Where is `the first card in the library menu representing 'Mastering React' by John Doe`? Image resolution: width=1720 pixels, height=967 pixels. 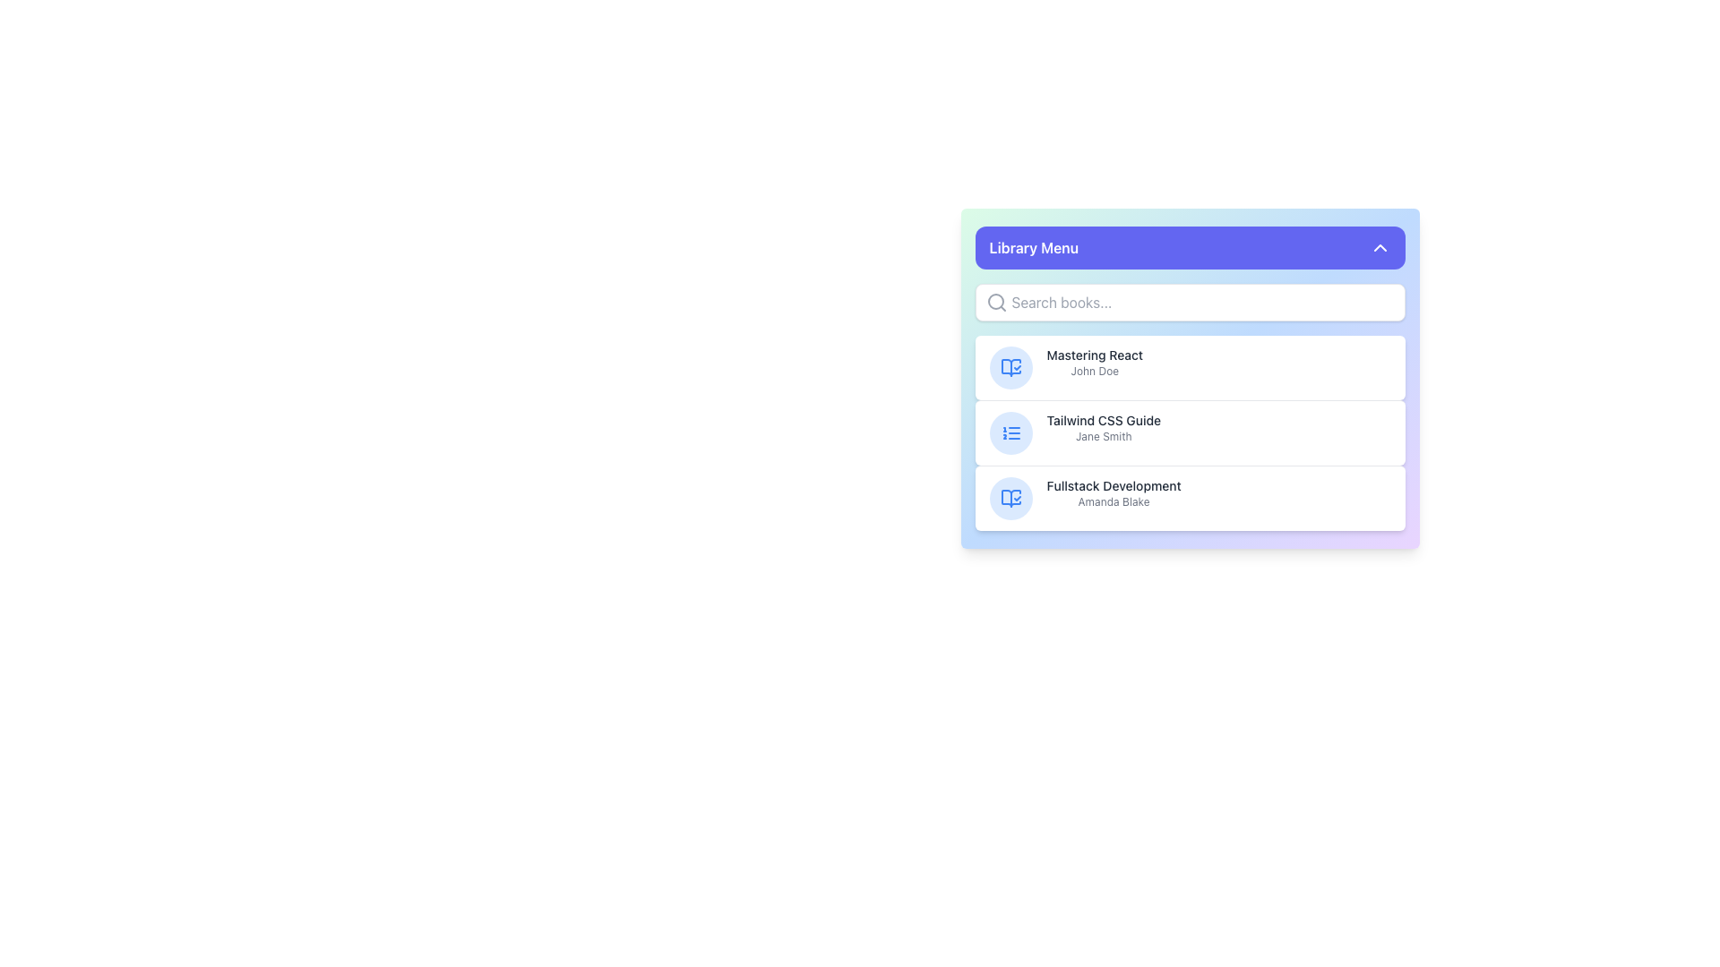 the first card in the library menu representing 'Mastering React' by John Doe is located at coordinates (1190, 378).